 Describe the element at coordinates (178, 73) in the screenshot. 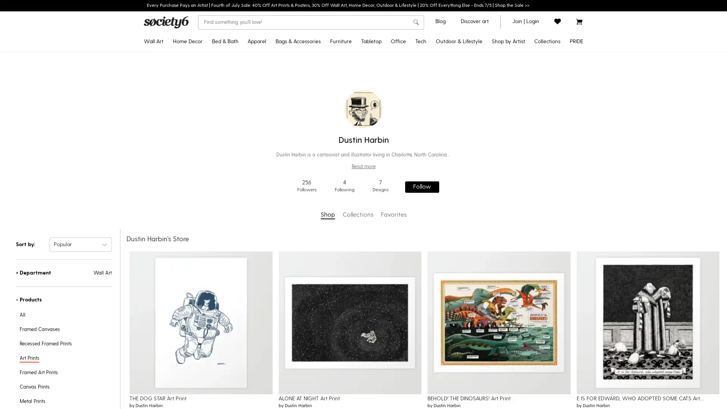

I see `Framed Art Prints` at that location.